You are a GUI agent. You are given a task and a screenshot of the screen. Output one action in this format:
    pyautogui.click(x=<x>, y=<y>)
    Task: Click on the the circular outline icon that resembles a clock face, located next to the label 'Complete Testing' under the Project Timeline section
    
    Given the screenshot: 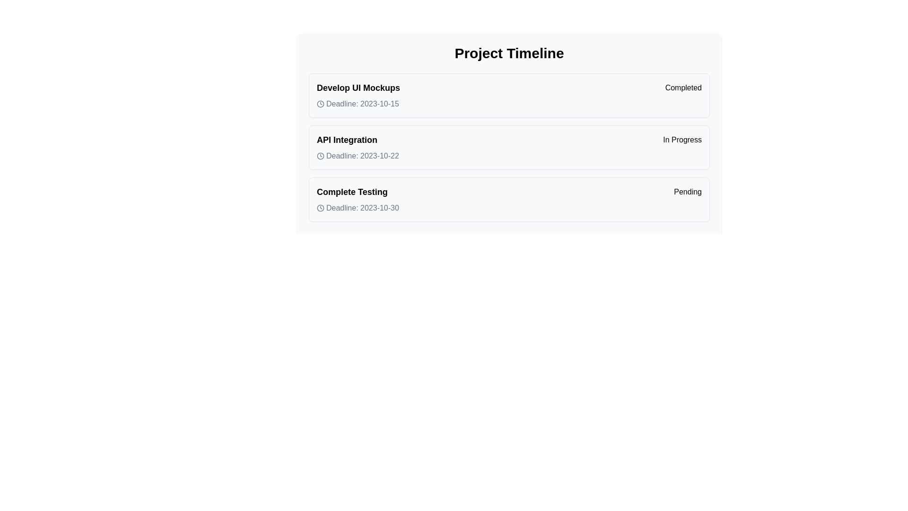 What is the action you would take?
    pyautogui.click(x=320, y=207)
    